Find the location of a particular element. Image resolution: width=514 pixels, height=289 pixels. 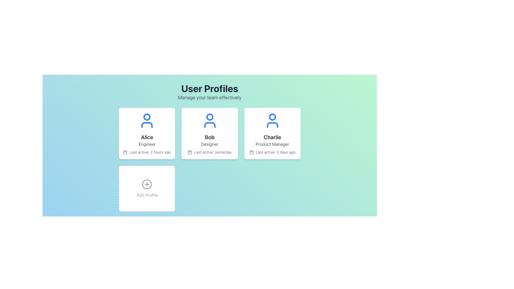

near the text label indicating the functionality of adding a new profile, located in the card-like interactive element at the bottom of the 'User Profiles' section is located at coordinates (147, 195).